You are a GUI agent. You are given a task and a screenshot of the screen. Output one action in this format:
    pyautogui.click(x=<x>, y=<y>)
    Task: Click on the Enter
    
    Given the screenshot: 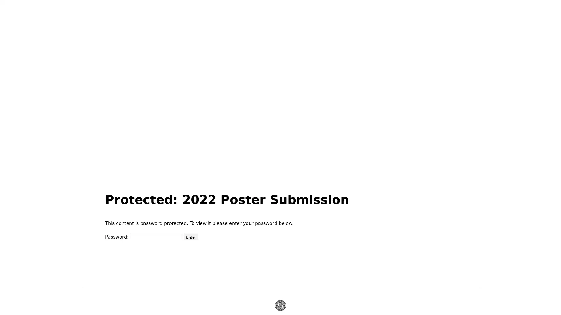 What is the action you would take?
    pyautogui.click(x=191, y=237)
    